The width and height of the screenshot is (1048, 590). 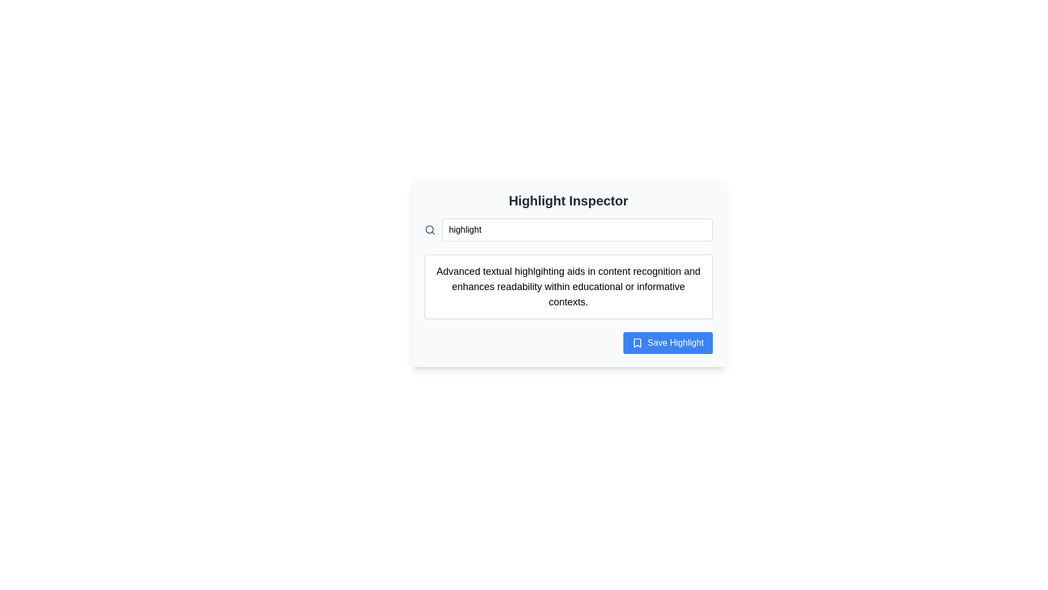 What do you see at coordinates (638, 343) in the screenshot?
I see `the bookmark icon, which is styled with a thin black outline and is located next to the 'Save Highlight' button in the bottom-right corner of the dialog interface` at bounding box center [638, 343].